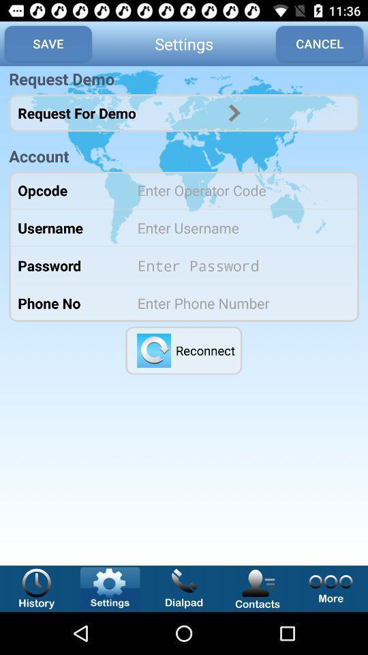 The height and width of the screenshot is (655, 368). What do you see at coordinates (239, 303) in the screenshot?
I see `number icon` at bounding box center [239, 303].